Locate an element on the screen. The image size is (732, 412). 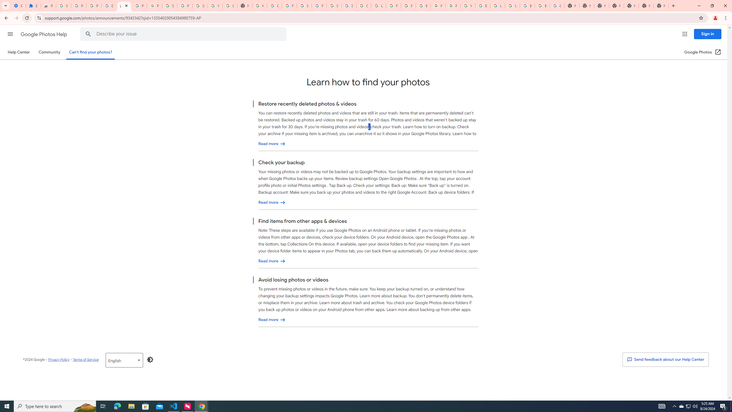
'Find items from other apps & devices' is located at coordinates (272, 261).